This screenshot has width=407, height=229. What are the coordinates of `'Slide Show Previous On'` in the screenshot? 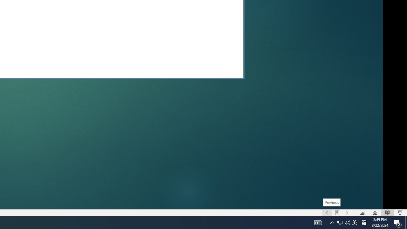 It's located at (327, 213).